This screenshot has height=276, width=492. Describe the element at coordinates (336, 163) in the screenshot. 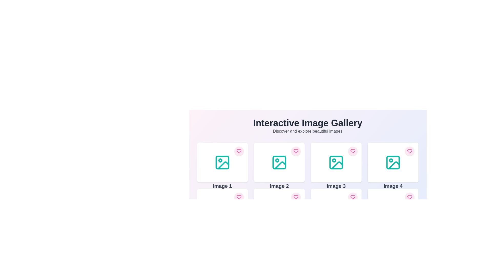

I see `teal rectangular SVG element located at the center of the third image card in the top row of the gallery interface for its properties` at that location.